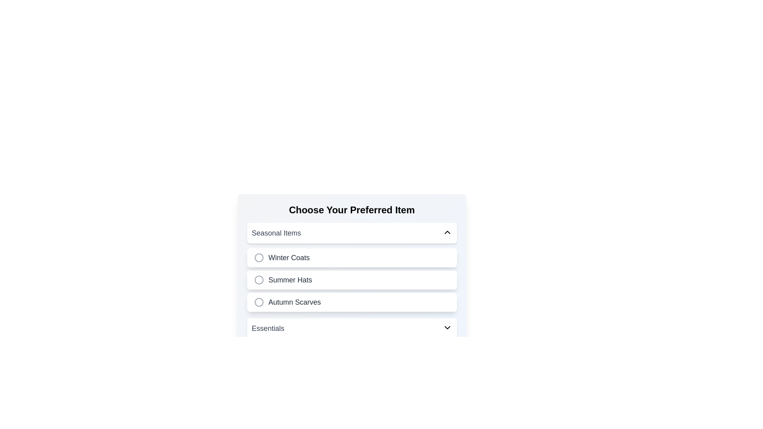  What do you see at coordinates (294, 302) in the screenshot?
I see `the text label displaying 'Autumn Scarves', which is styled in bold, medium-large dark gray font and located within a white card-like rectangle, positioned to the right of a circular radio button in the list of 'Choose Your Preferred Item'` at bounding box center [294, 302].